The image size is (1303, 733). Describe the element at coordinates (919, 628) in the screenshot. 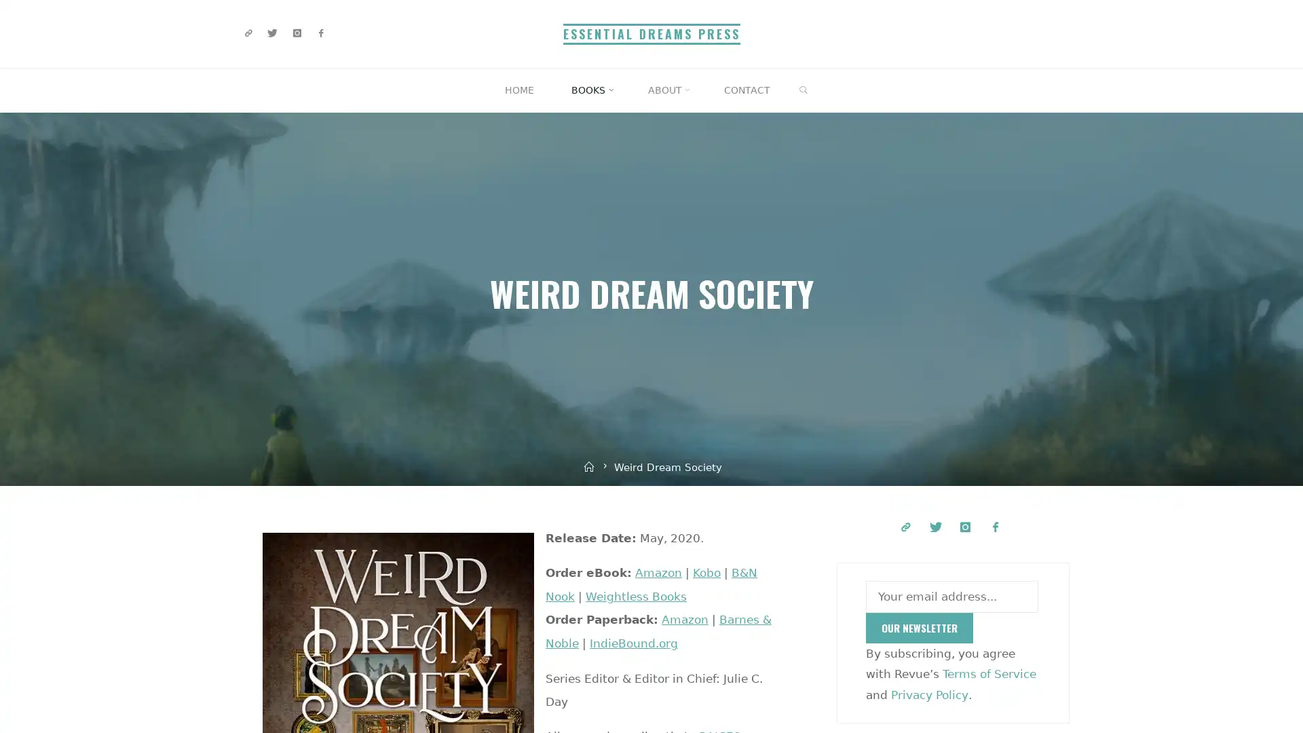

I see `Our Newsletter` at that location.